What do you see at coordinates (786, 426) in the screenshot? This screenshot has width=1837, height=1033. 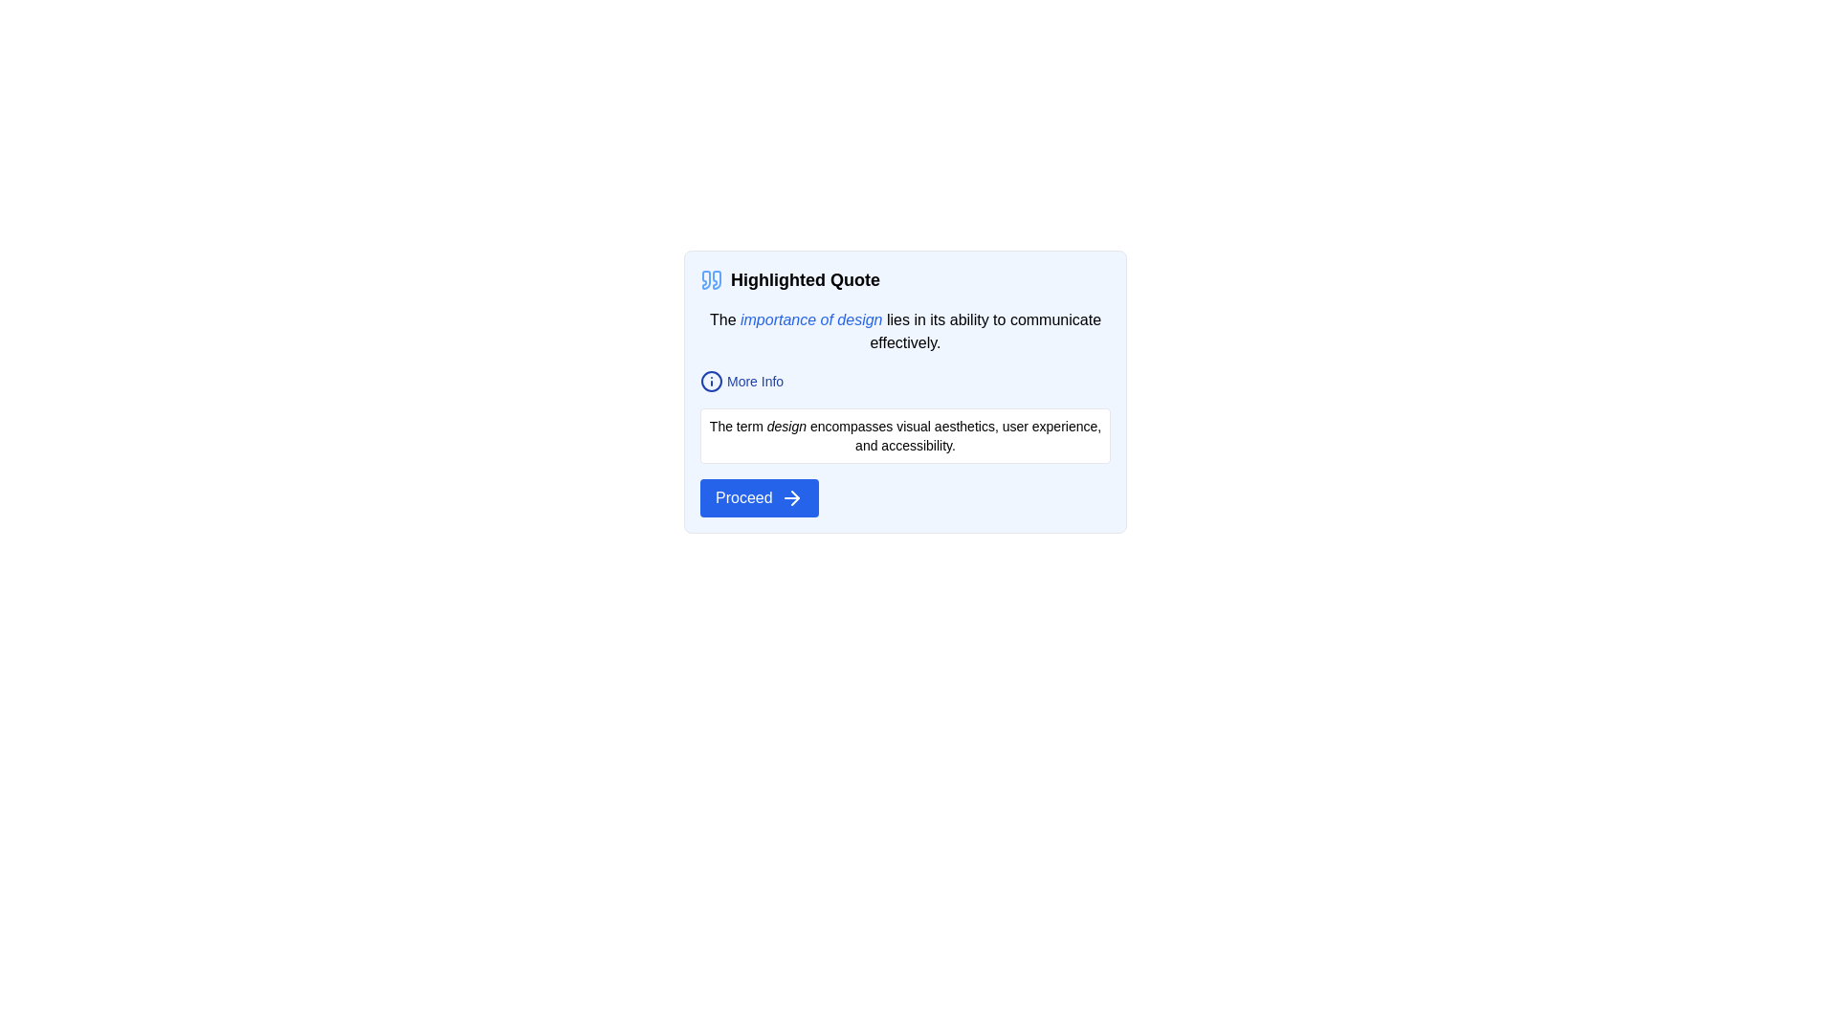 I see `the text element containing the word 'design' within the informational dialog box, which is part of the sentence describing visual aesthetics, user experience, and accessibility` at bounding box center [786, 426].